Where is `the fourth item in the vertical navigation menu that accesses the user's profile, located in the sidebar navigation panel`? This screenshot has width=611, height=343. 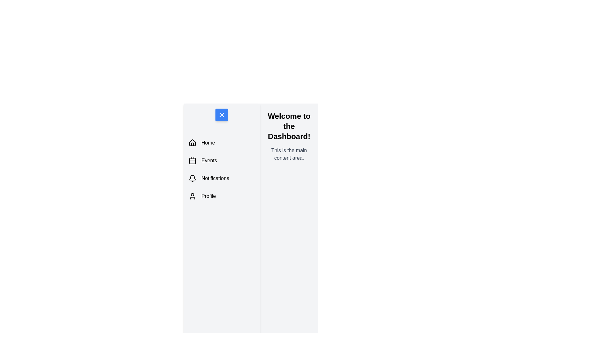 the fourth item in the vertical navigation menu that accesses the user's profile, located in the sidebar navigation panel is located at coordinates (221, 196).